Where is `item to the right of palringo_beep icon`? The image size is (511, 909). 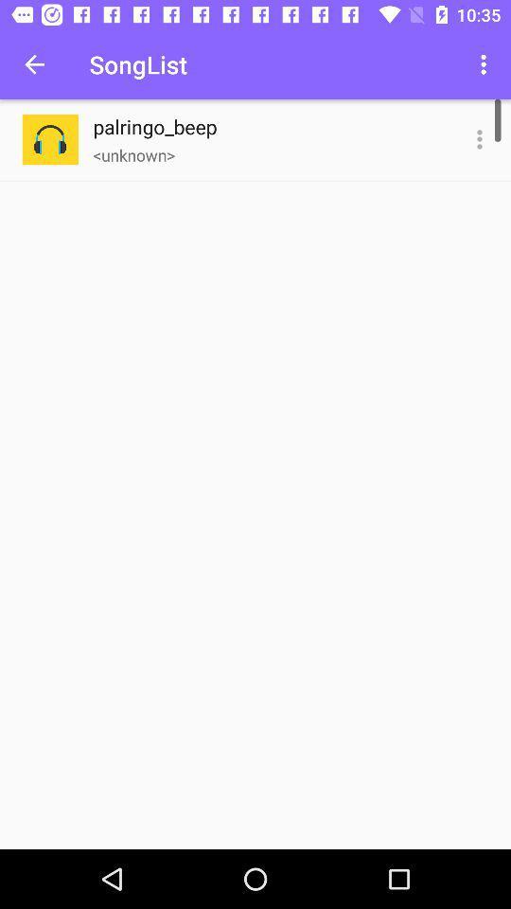 item to the right of palringo_beep icon is located at coordinates (480, 138).